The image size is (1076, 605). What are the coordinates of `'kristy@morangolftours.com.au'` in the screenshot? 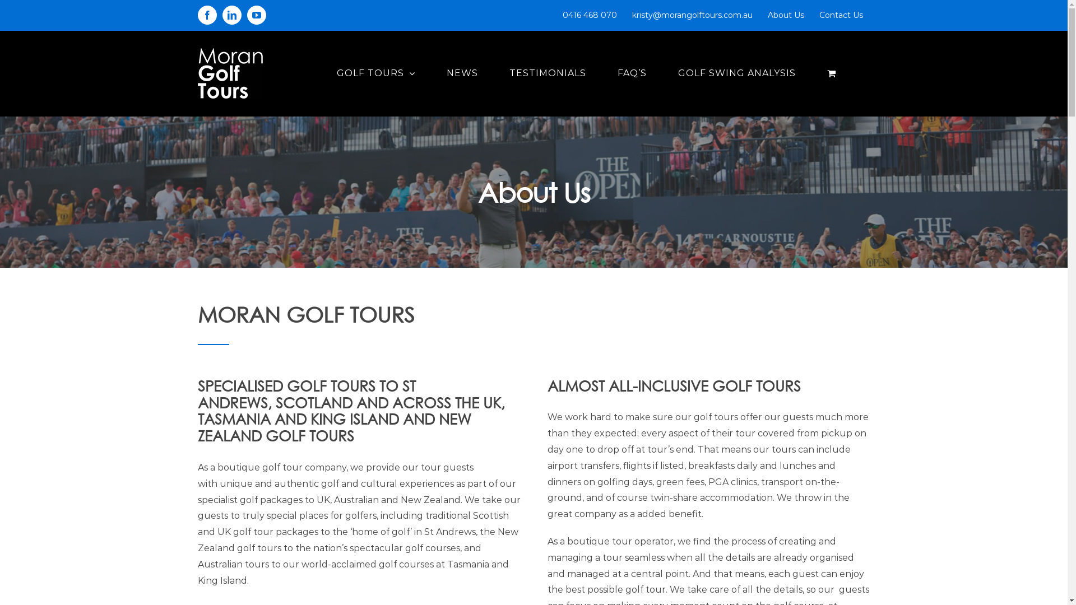 It's located at (691, 15).